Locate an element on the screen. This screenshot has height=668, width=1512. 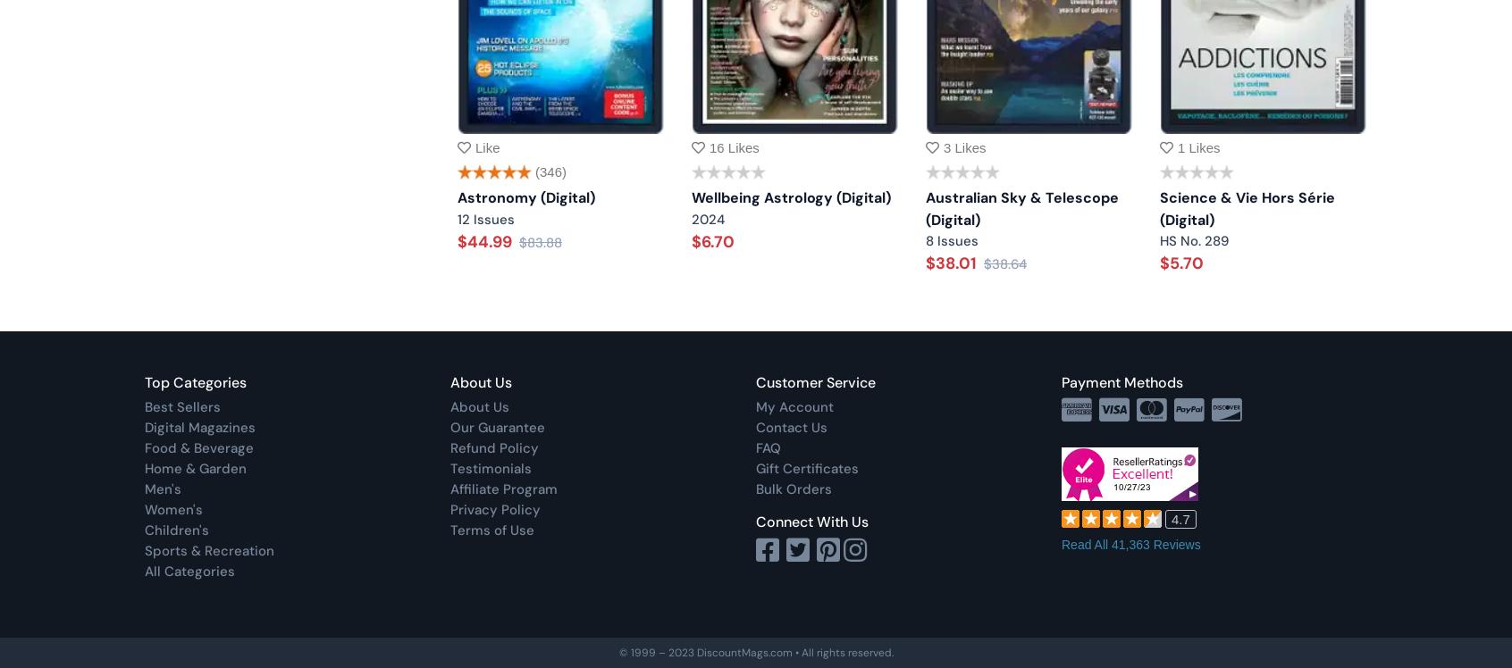
'8 Issues' is located at coordinates (952, 240).